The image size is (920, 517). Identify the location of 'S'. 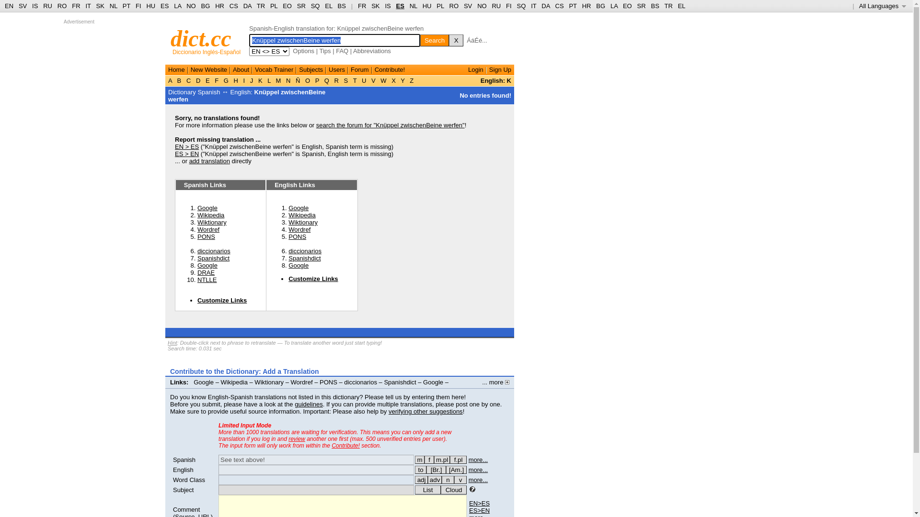
(345, 80).